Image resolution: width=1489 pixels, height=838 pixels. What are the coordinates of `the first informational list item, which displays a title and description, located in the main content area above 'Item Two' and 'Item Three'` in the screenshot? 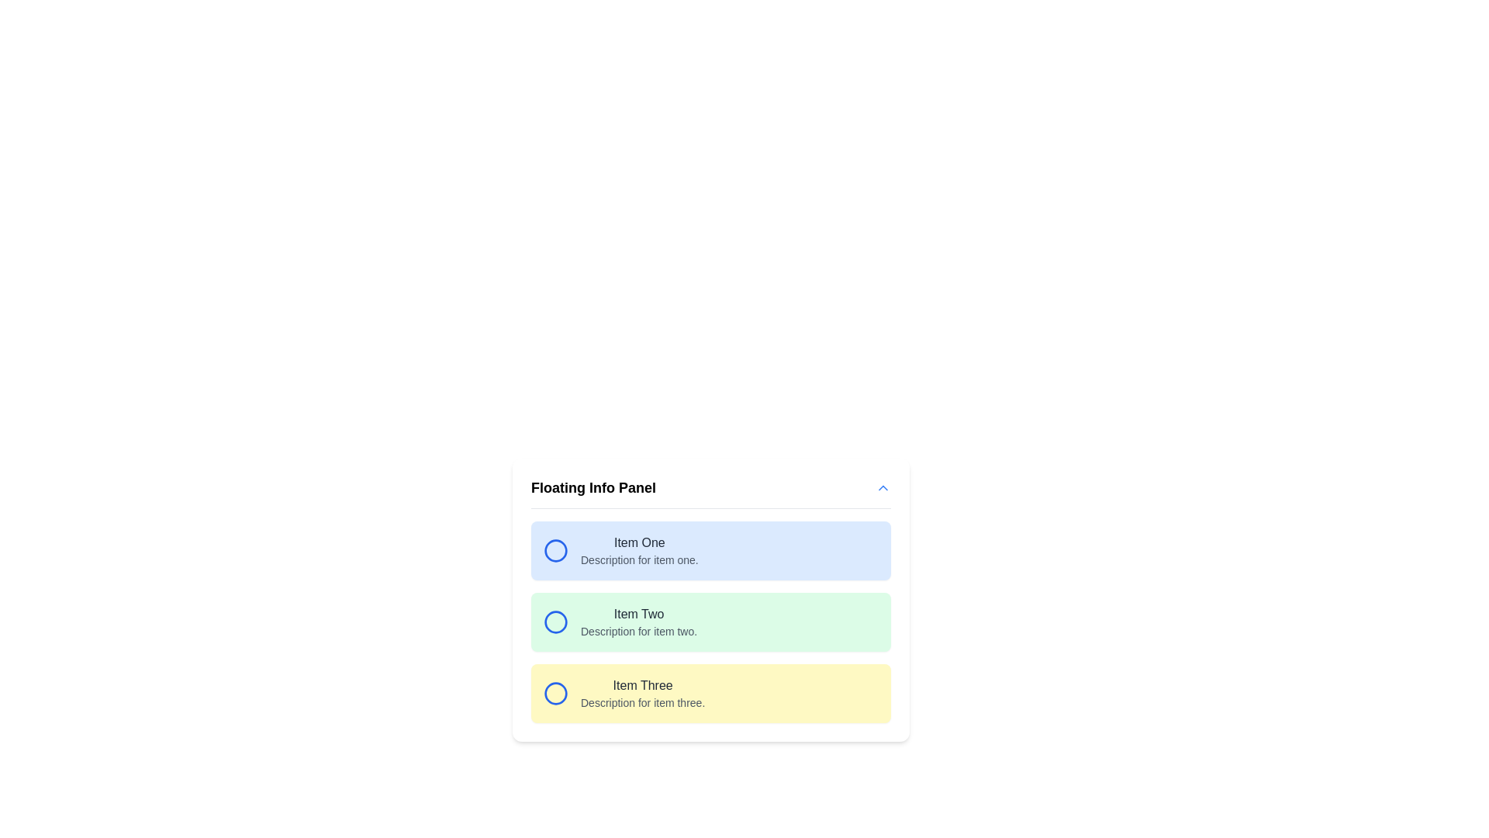 It's located at (710, 549).